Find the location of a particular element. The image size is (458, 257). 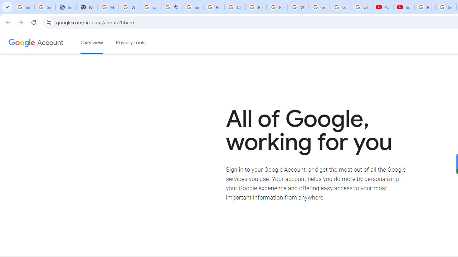

'Google logo' is located at coordinates (22, 42).